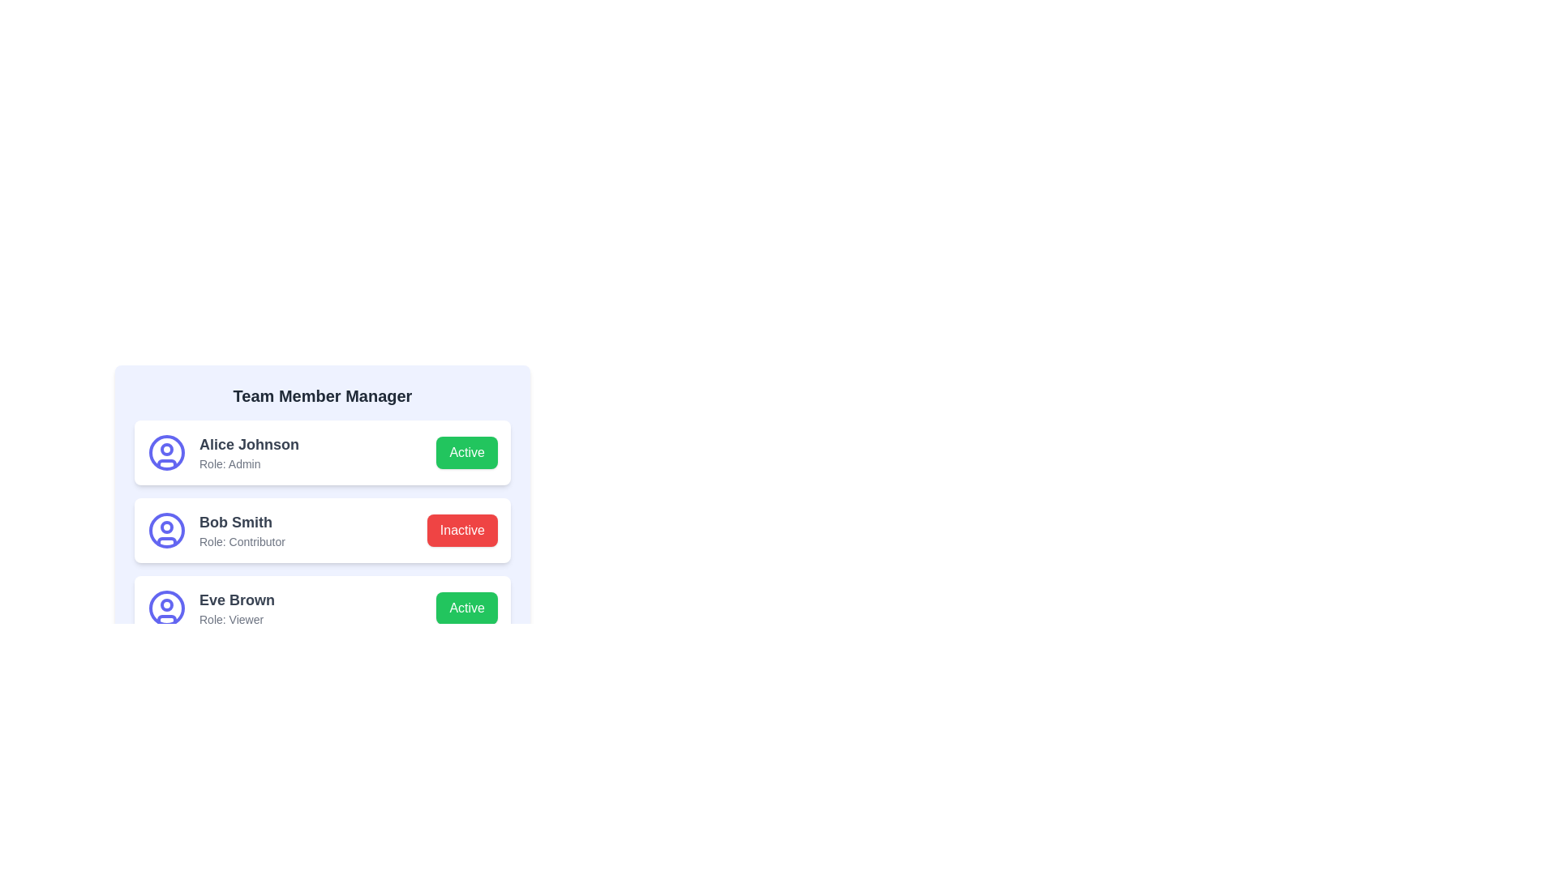 The width and height of the screenshot is (1557, 875). I want to click on the user item representing 'Alice Johnson' with the role 'Admin', so click(222, 453).